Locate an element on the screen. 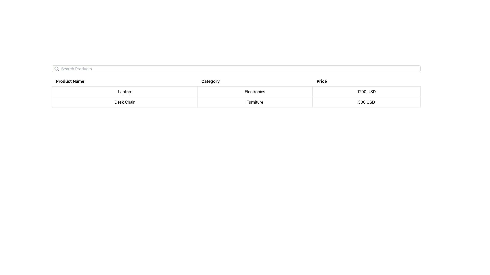 Image resolution: width=490 pixels, height=275 pixels. the 'Desk Chair' text element in the 'Product Name' column of the second row in the product details table is located at coordinates (125, 102).